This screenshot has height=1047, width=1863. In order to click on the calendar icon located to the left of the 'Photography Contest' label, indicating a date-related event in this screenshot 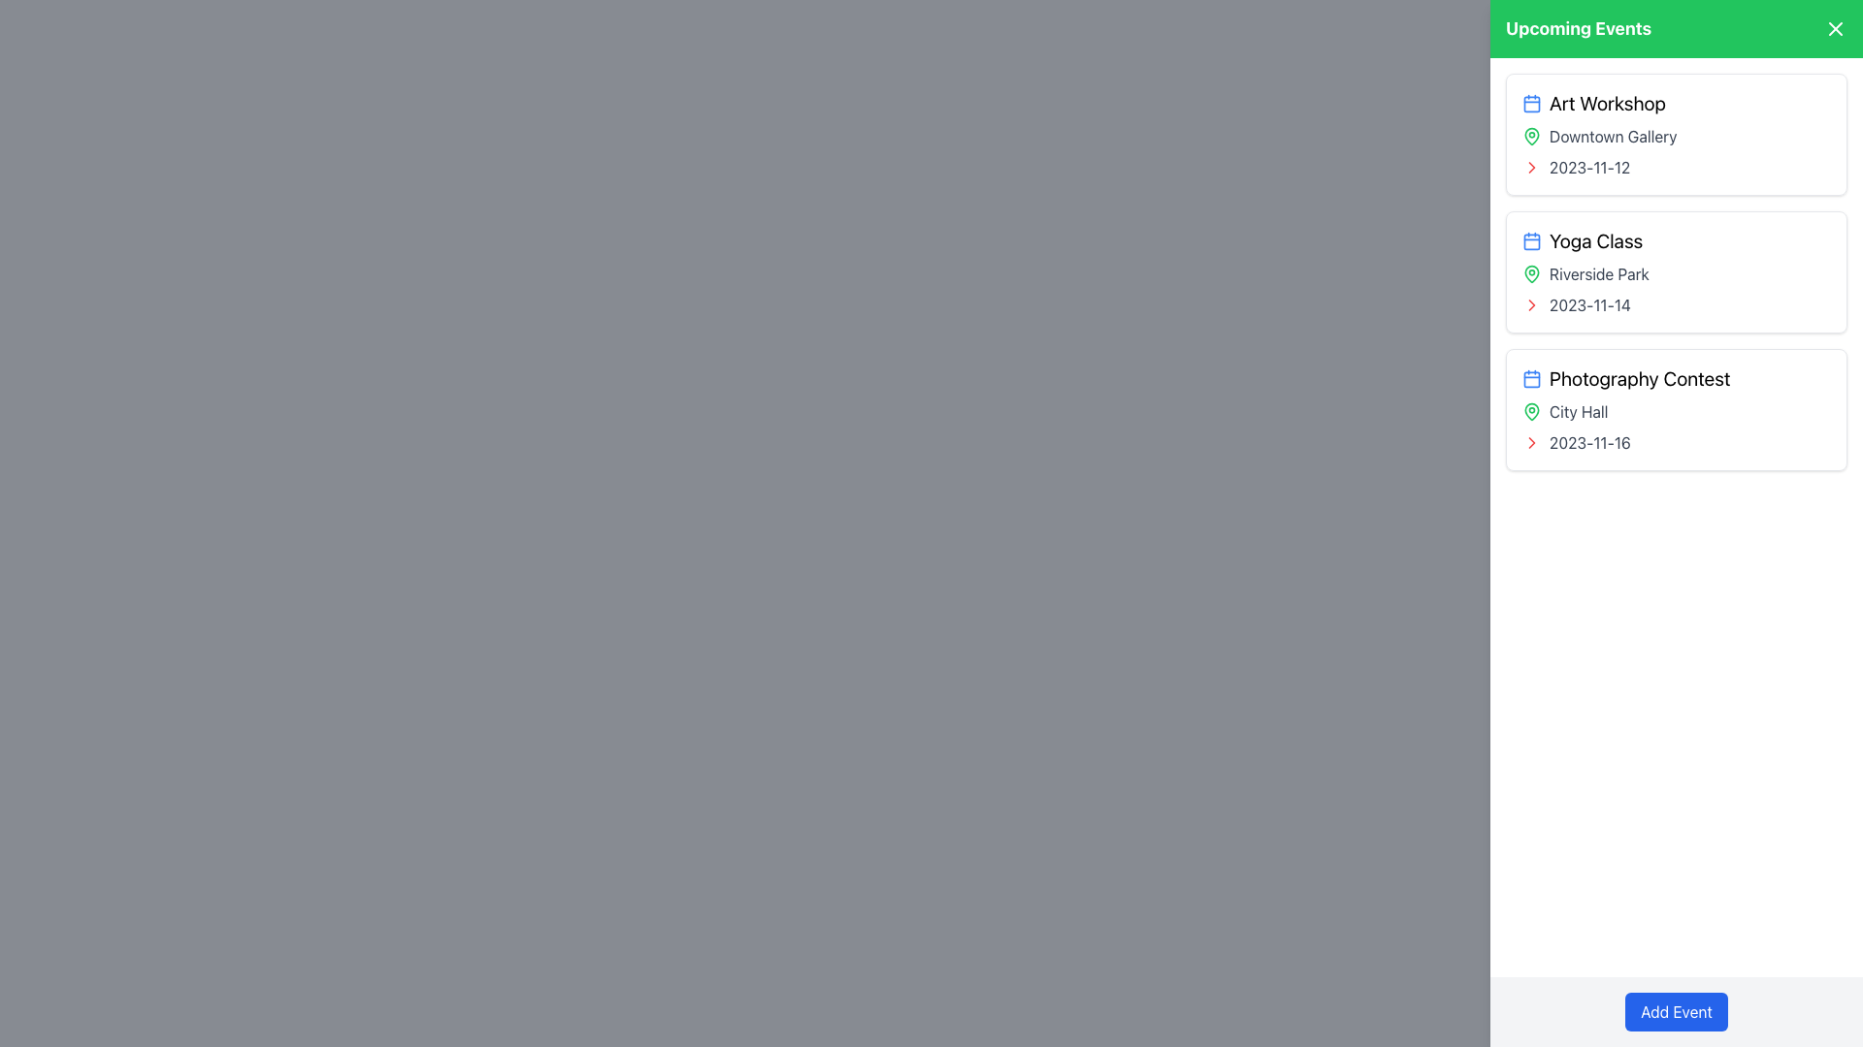, I will do `click(1531, 378)`.